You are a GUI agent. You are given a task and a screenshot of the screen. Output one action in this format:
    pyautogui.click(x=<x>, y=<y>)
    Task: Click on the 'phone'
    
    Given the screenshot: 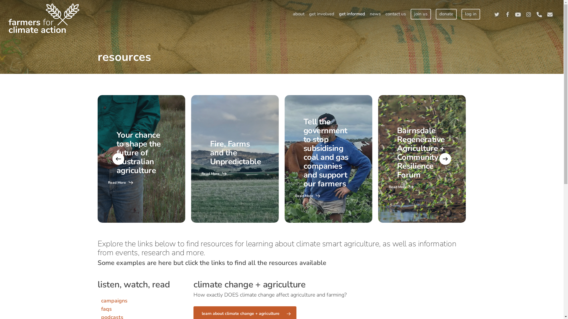 What is the action you would take?
    pyautogui.click(x=539, y=14)
    